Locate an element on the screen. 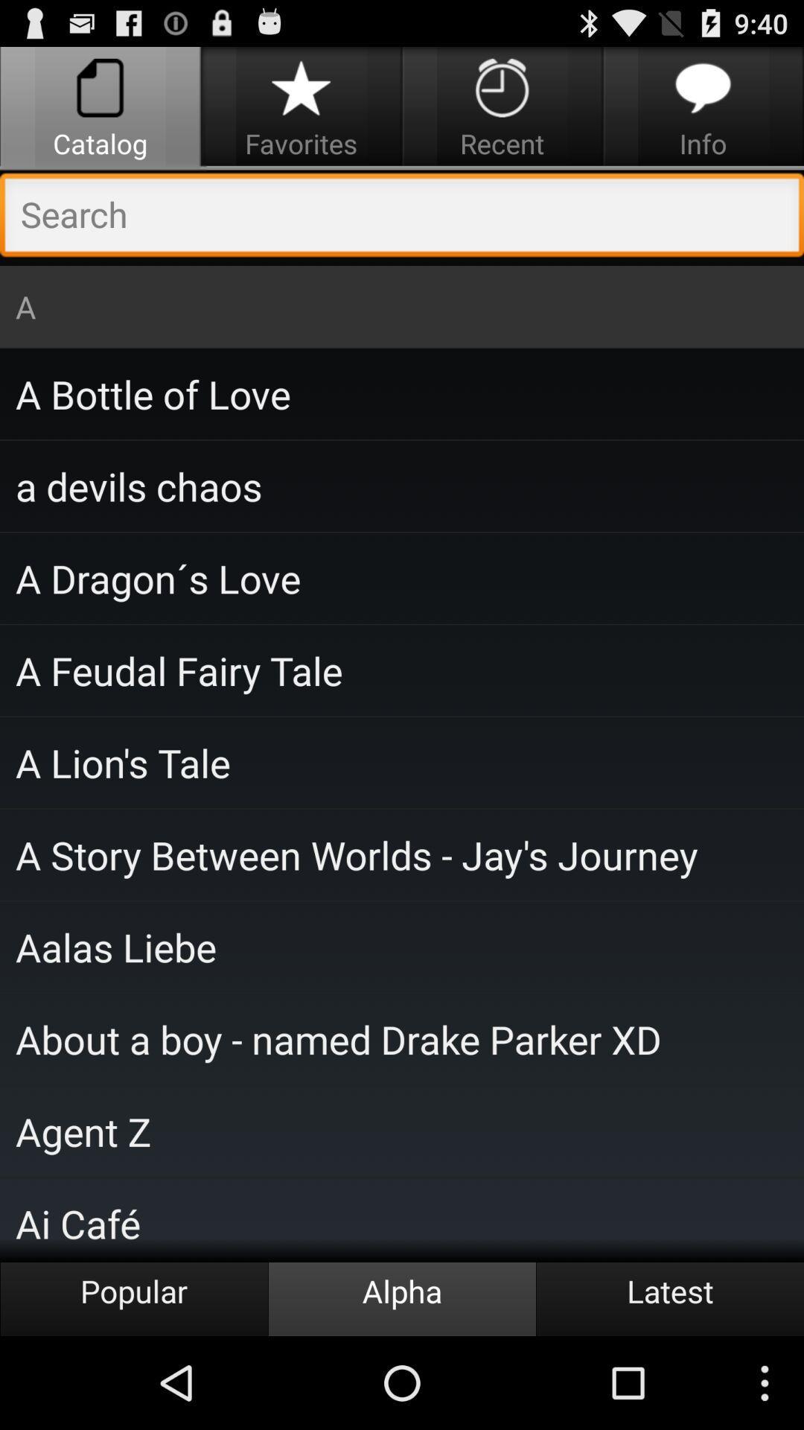  app below a lion s is located at coordinates (402, 854).